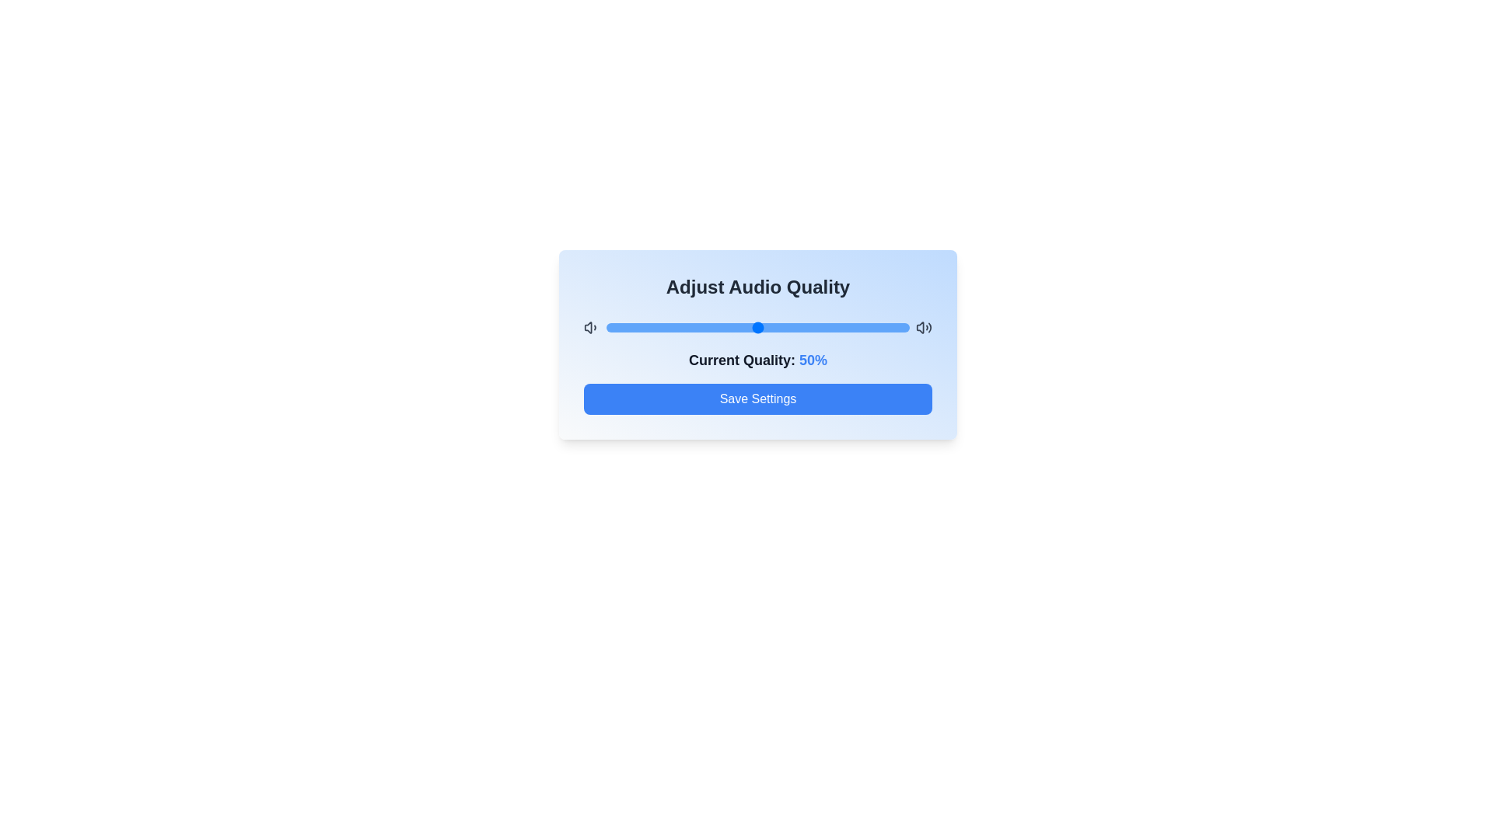 This screenshot has width=1493, height=839. Describe the element at coordinates (857, 326) in the screenshot. I see `the audio quality to 83% by dragging the slider` at that location.